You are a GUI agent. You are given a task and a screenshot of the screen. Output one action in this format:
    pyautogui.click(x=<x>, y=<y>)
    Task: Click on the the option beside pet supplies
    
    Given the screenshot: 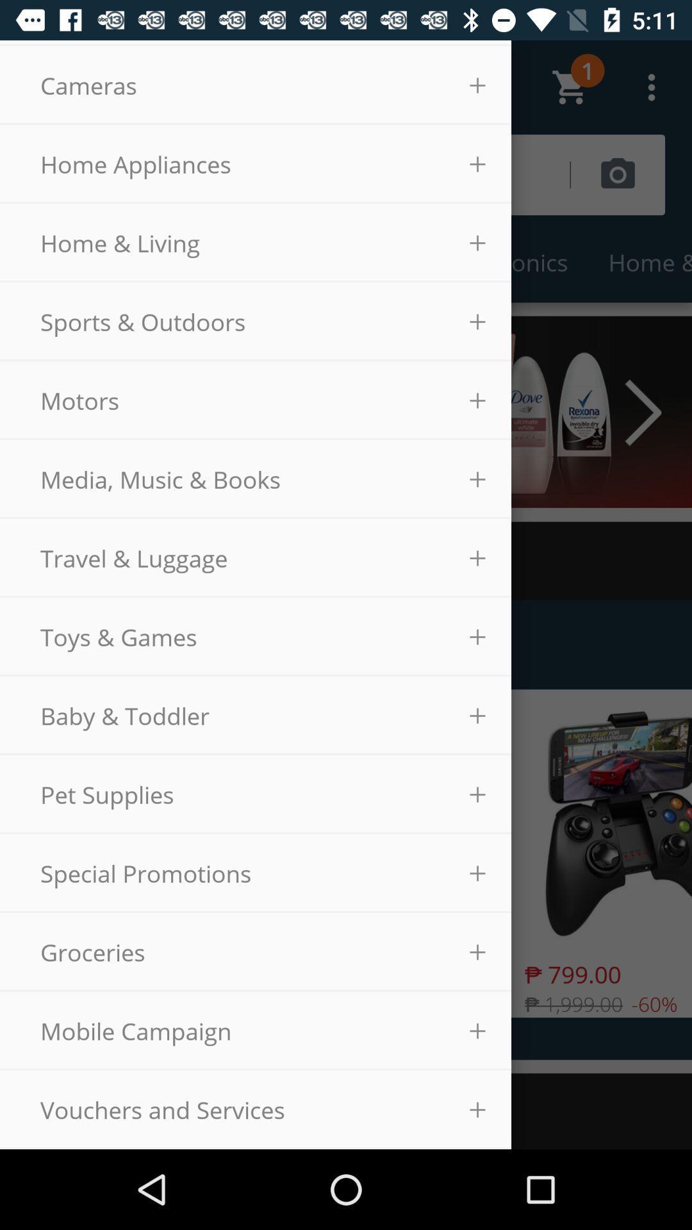 What is the action you would take?
    pyautogui.click(x=477, y=794)
    